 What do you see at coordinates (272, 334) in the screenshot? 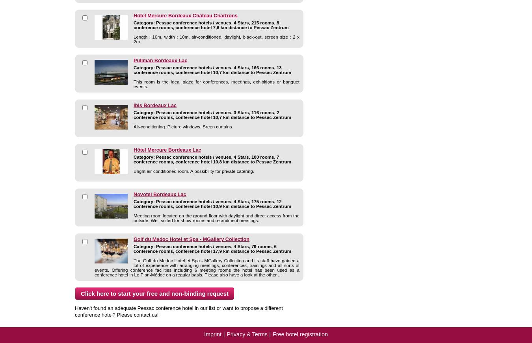
I see `'Free hotel registration'` at bounding box center [272, 334].